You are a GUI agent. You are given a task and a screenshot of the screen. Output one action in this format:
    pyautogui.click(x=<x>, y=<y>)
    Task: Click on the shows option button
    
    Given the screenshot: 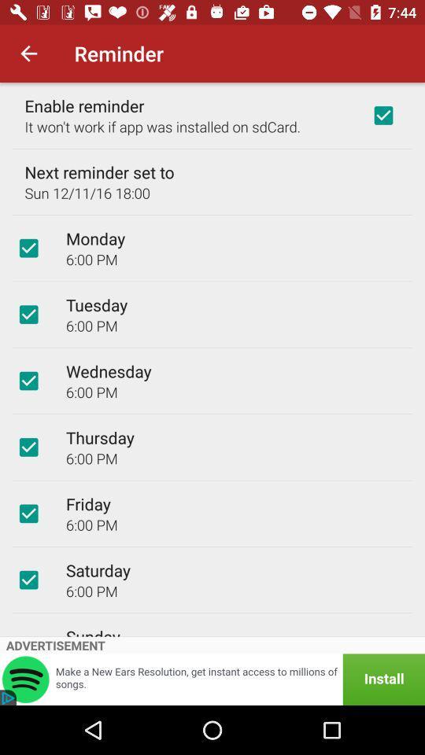 What is the action you would take?
    pyautogui.click(x=28, y=314)
    